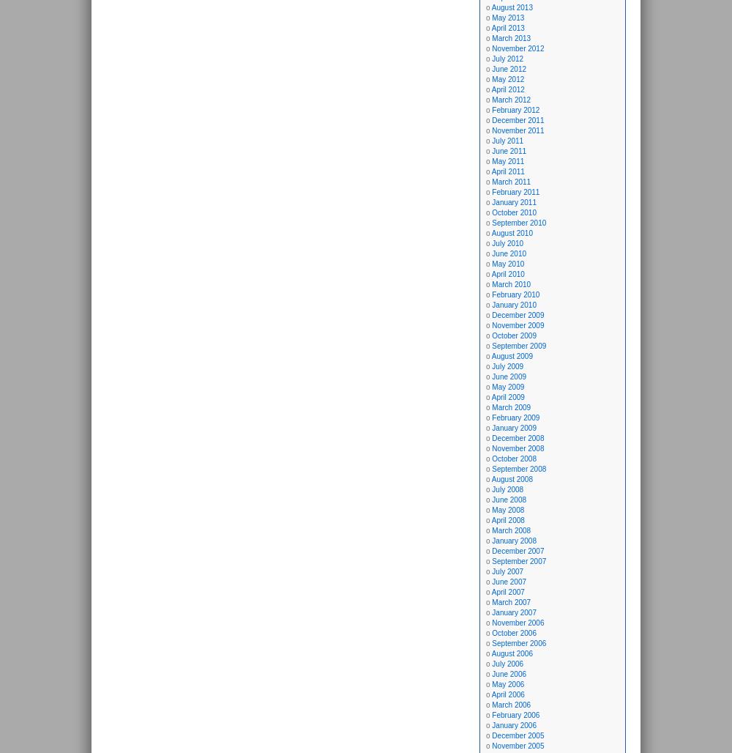 Image resolution: width=732 pixels, height=753 pixels. Describe the element at coordinates (507, 89) in the screenshot. I see `'April 2012'` at that location.